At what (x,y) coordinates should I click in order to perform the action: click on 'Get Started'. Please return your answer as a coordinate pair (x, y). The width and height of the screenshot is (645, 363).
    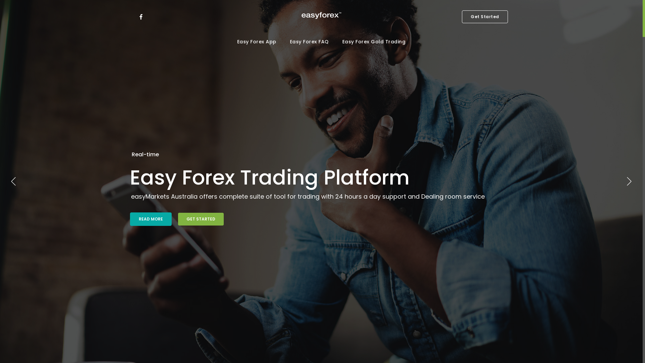
    Looking at the image, I should click on (485, 16).